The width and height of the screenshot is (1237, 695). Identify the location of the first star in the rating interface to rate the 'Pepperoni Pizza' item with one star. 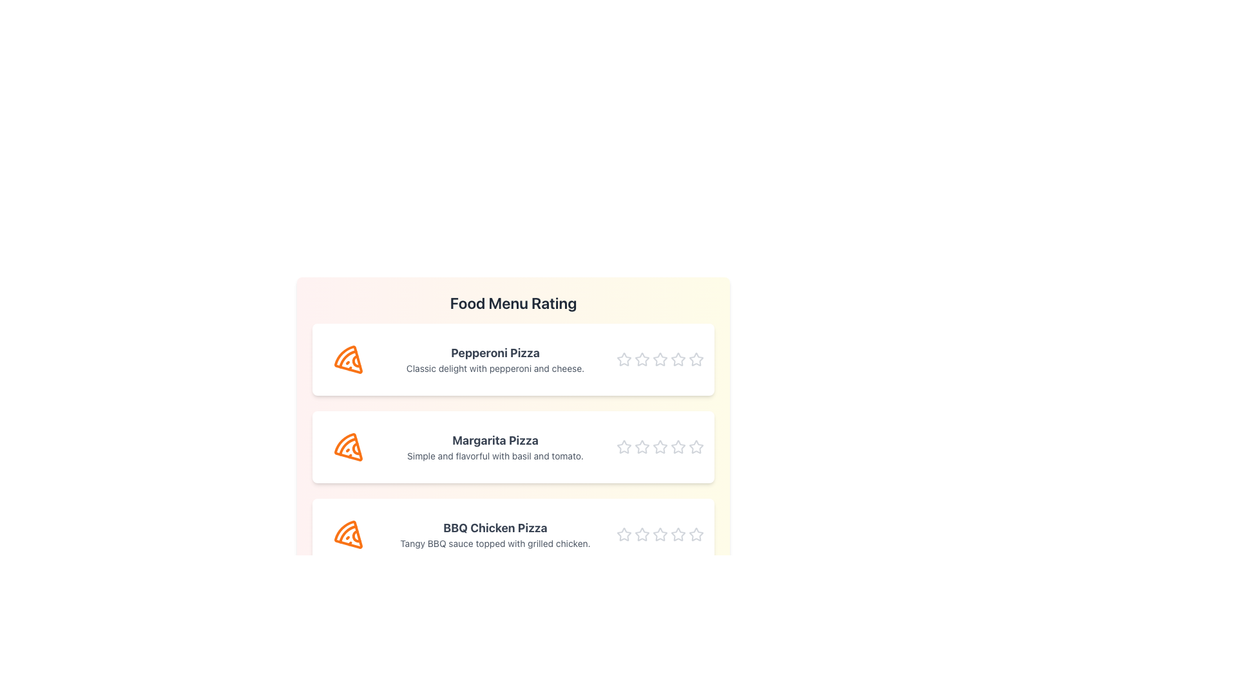
(624, 359).